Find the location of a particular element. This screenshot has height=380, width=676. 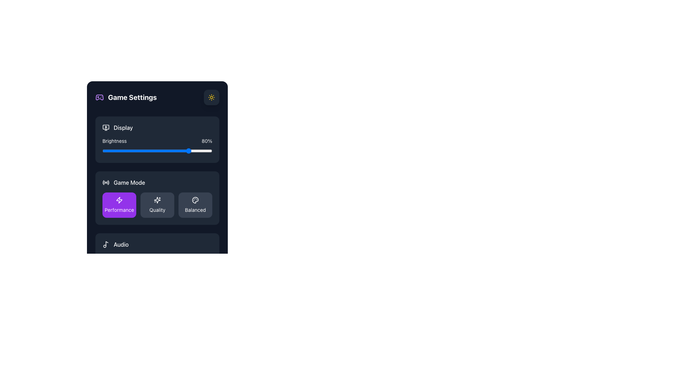

brightness level is located at coordinates (191, 150).